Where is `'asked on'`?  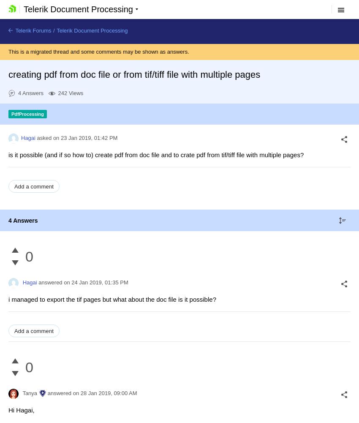
'asked on' is located at coordinates (47, 138).